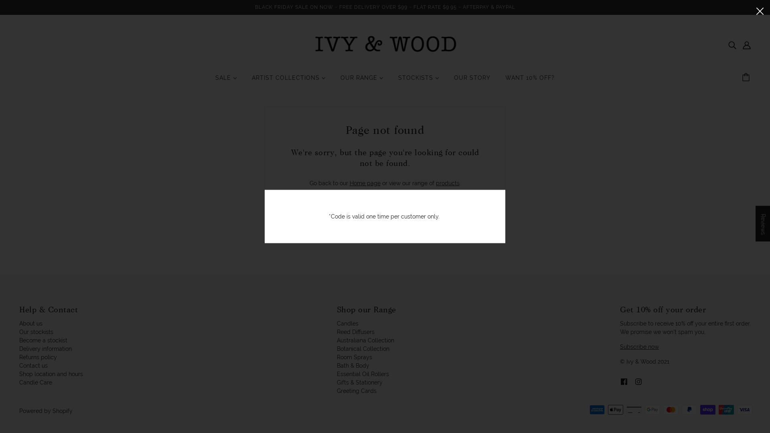 The width and height of the screenshot is (770, 433). What do you see at coordinates (355, 332) in the screenshot?
I see `'Reed Diffusers'` at bounding box center [355, 332].